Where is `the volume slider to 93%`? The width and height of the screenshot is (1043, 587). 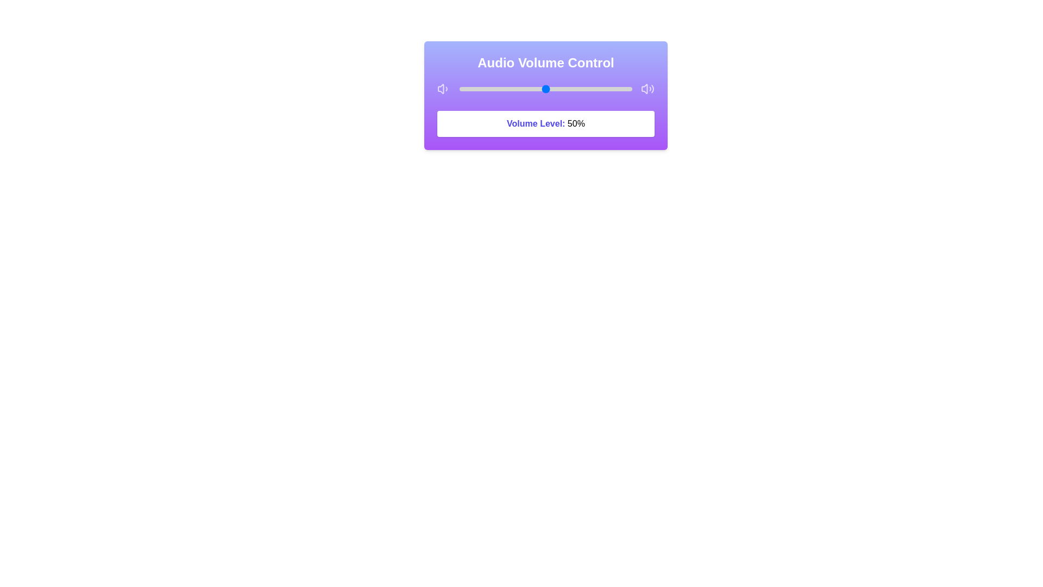 the volume slider to 93% is located at coordinates (620, 89).